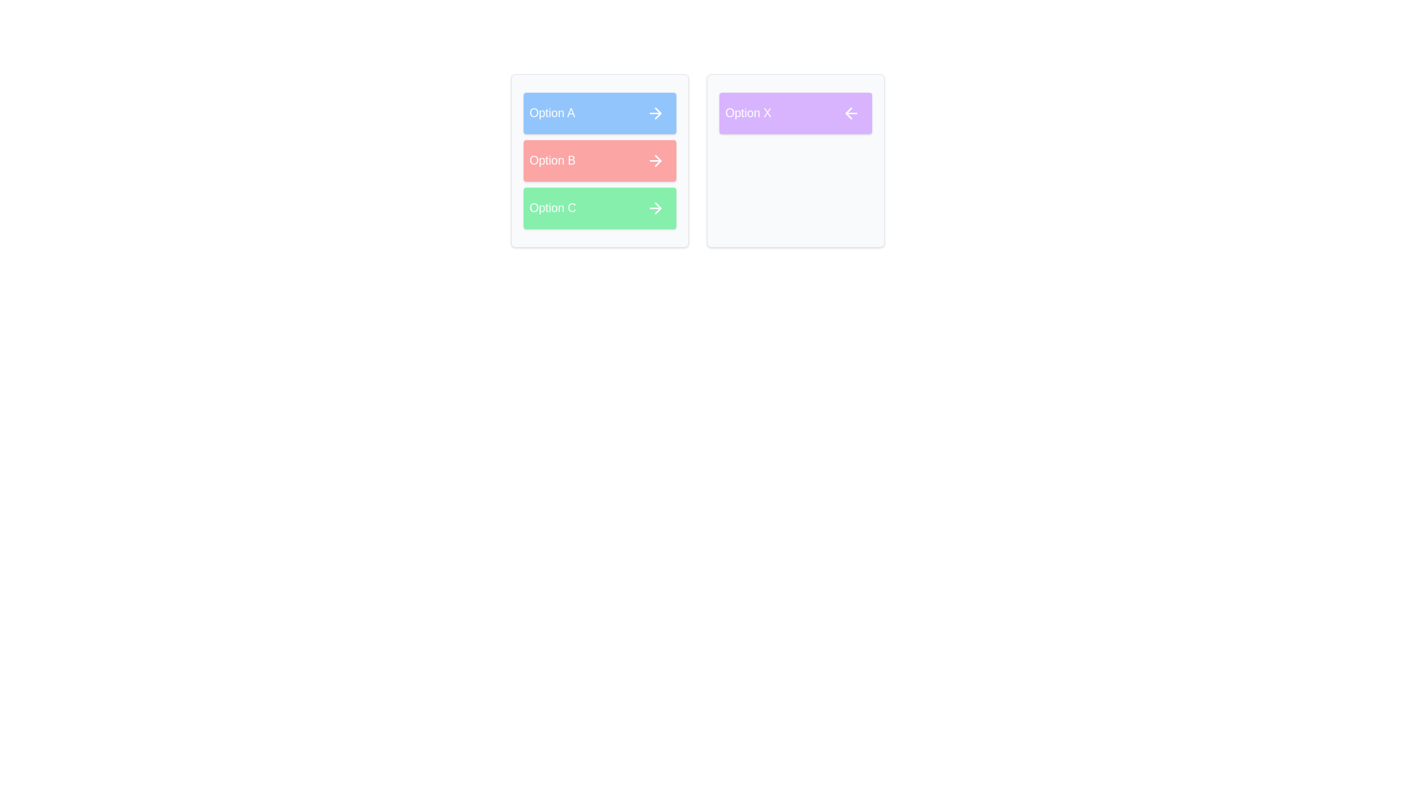 The width and height of the screenshot is (1424, 801). I want to click on the item Option C in the list, so click(600, 208).